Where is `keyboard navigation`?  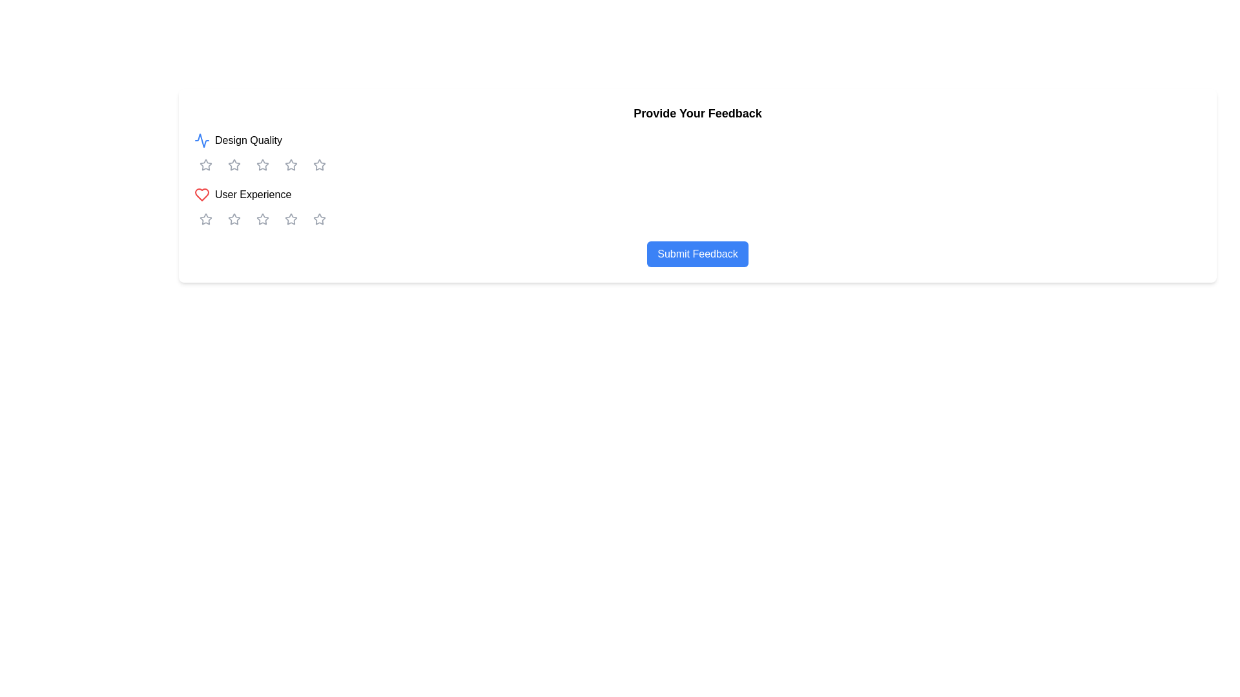 keyboard navigation is located at coordinates (291, 218).